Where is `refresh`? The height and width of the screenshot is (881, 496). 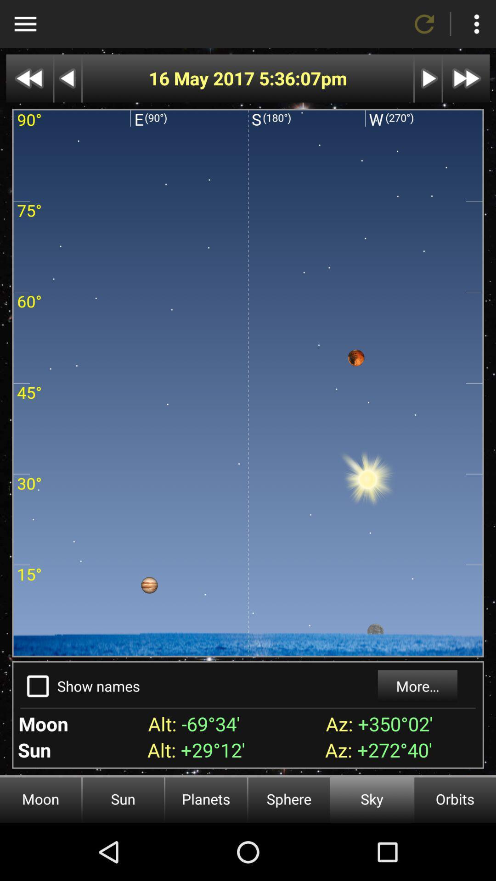 refresh is located at coordinates (424, 24).